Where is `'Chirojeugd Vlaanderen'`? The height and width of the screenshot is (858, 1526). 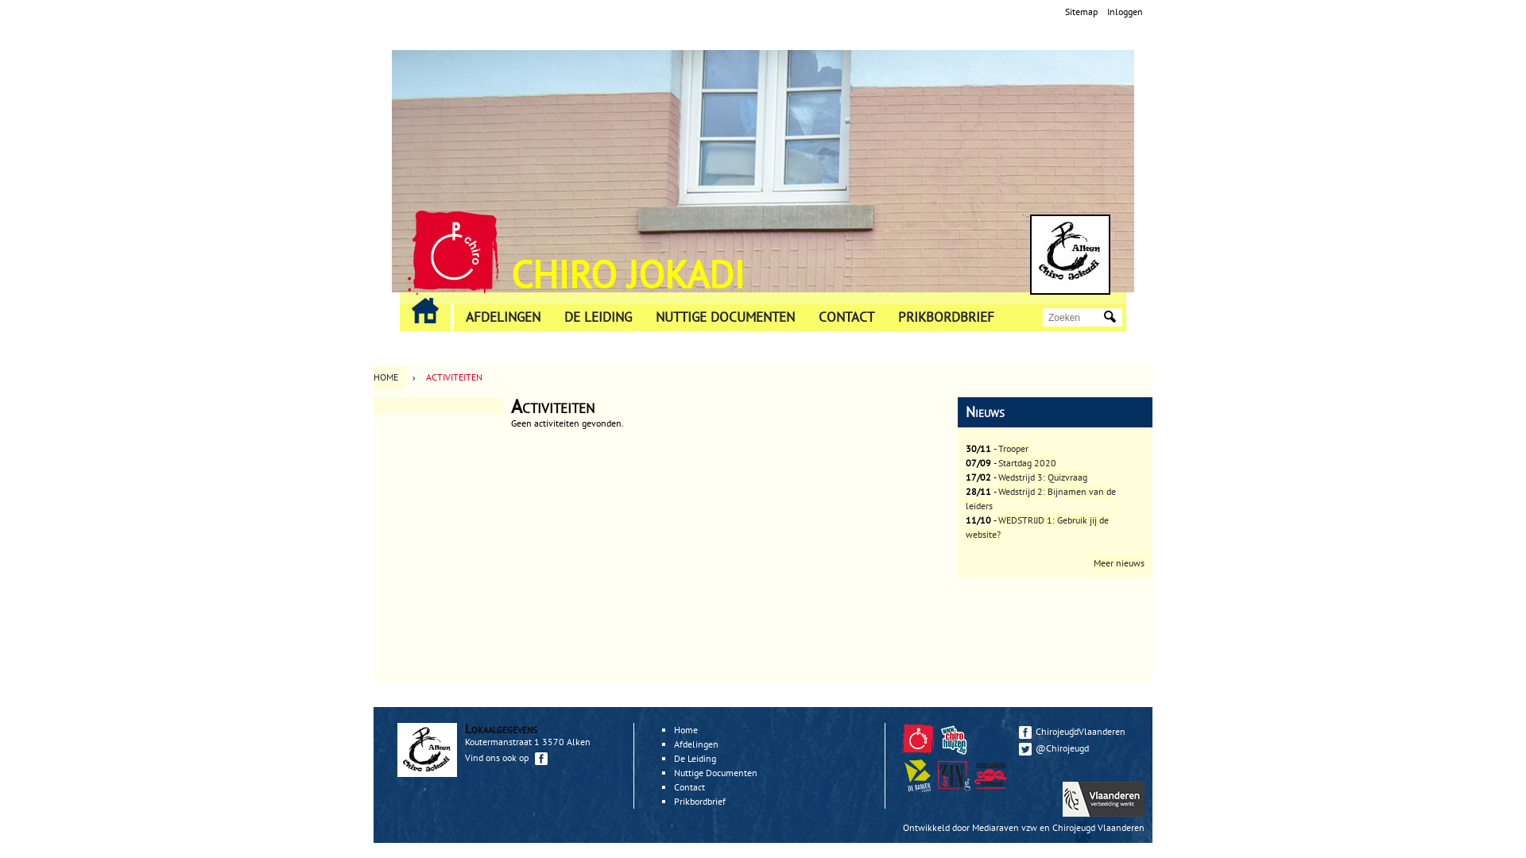 'Chirojeugd Vlaanderen' is located at coordinates (1098, 826).